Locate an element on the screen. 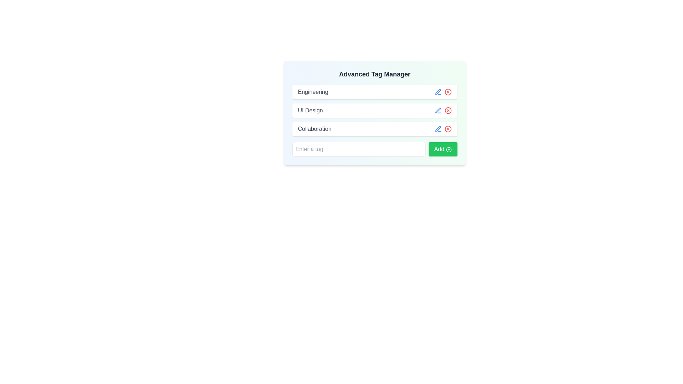 The image size is (683, 384). the text label 'UI Design' located in the second row of the tag list in the Advanced Tag Manager interface is located at coordinates (310, 111).